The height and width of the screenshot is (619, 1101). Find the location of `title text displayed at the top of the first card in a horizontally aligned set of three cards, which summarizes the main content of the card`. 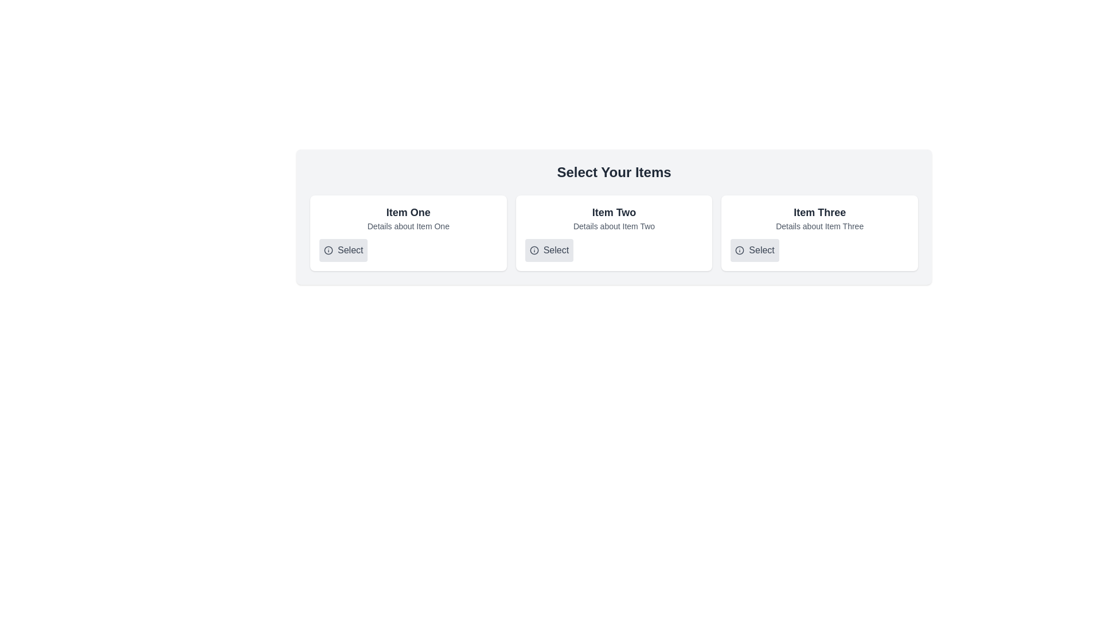

title text displayed at the top of the first card in a horizontally aligned set of three cards, which summarizes the main content of the card is located at coordinates (408, 212).